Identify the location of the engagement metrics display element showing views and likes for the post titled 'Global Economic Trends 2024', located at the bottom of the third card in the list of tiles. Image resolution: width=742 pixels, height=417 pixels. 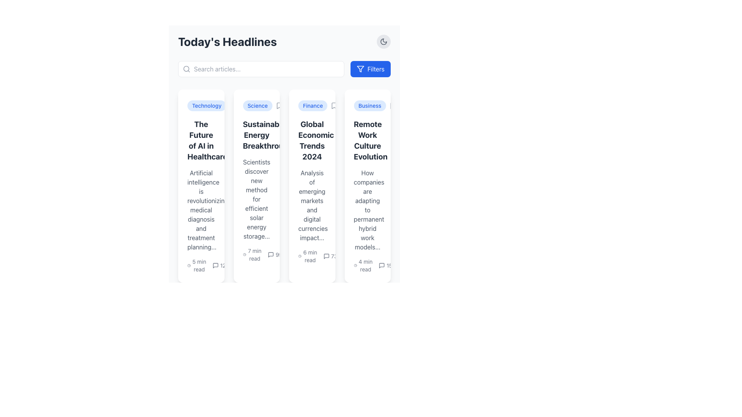
(303, 254).